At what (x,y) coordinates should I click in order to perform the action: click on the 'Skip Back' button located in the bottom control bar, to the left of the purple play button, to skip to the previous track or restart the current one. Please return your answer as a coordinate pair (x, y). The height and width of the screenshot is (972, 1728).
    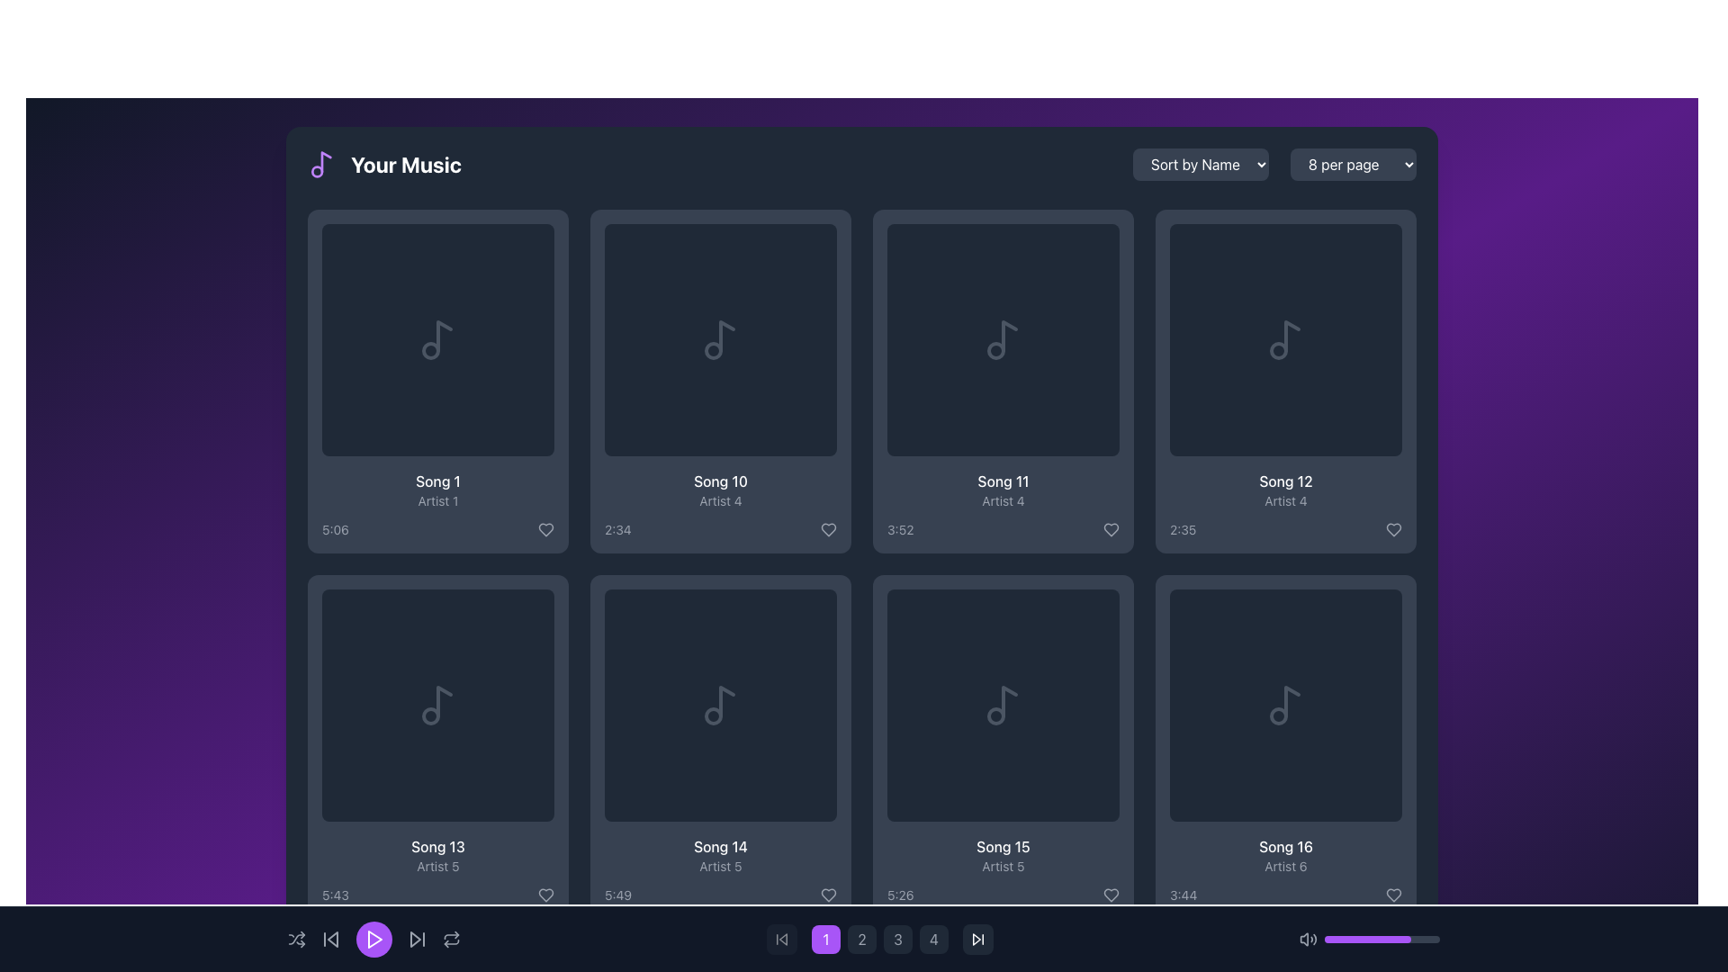
    Looking at the image, I should click on (781, 939).